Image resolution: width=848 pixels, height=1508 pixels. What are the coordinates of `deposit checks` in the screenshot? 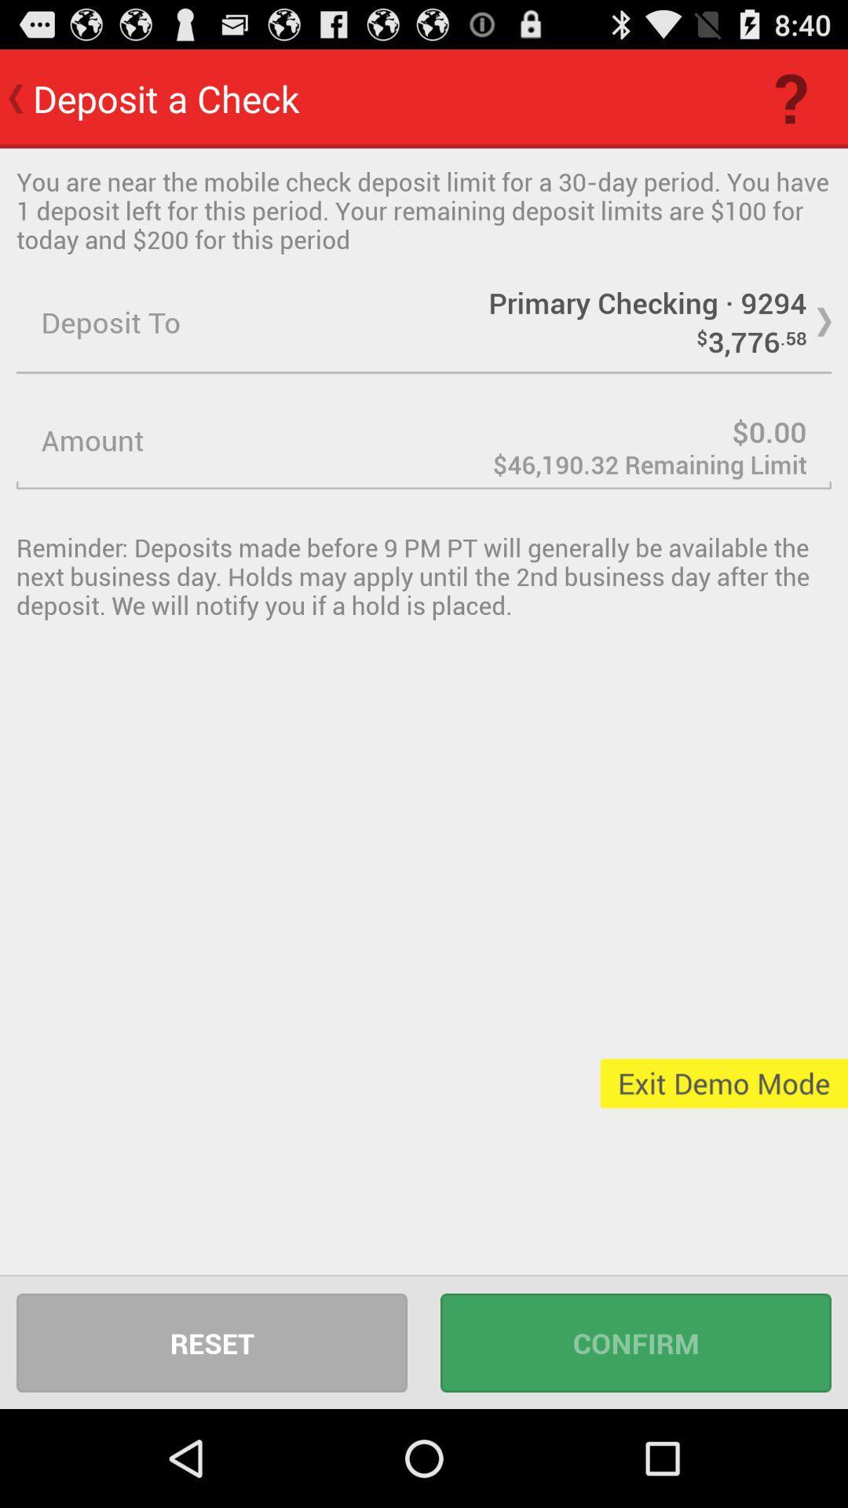 It's located at (424, 440).